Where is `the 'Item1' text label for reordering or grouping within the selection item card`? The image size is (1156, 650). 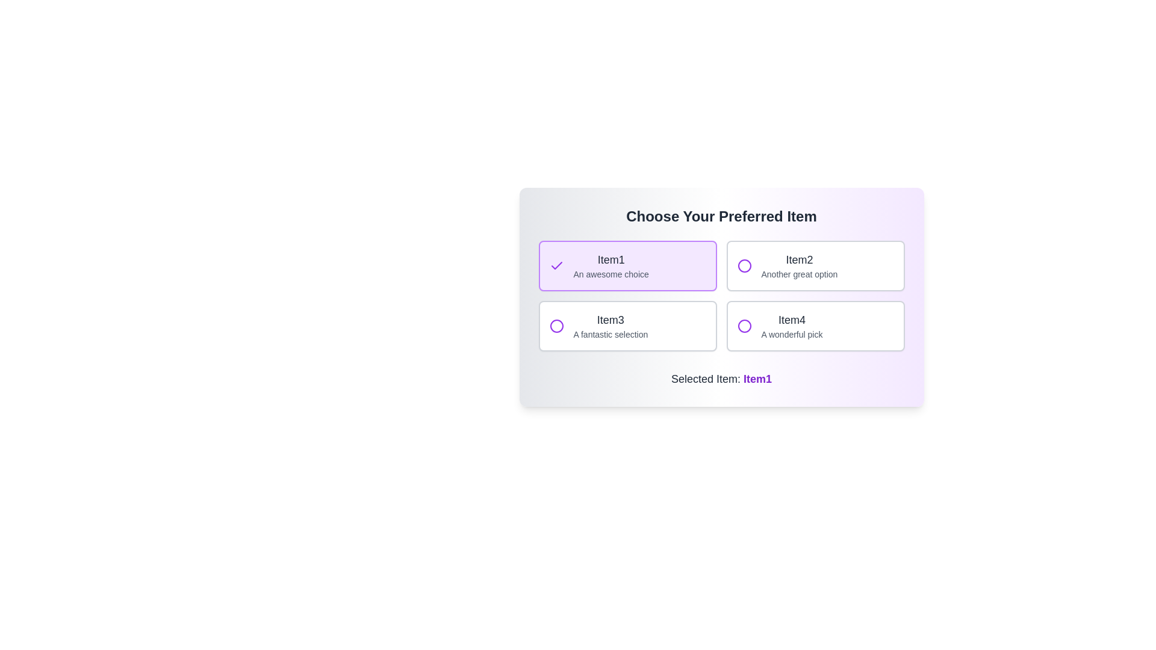 the 'Item1' text label for reordering or grouping within the selection item card is located at coordinates (611, 259).